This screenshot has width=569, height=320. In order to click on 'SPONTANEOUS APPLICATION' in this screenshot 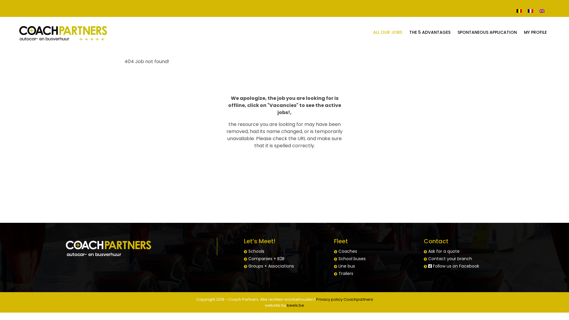, I will do `click(487, 32)`.